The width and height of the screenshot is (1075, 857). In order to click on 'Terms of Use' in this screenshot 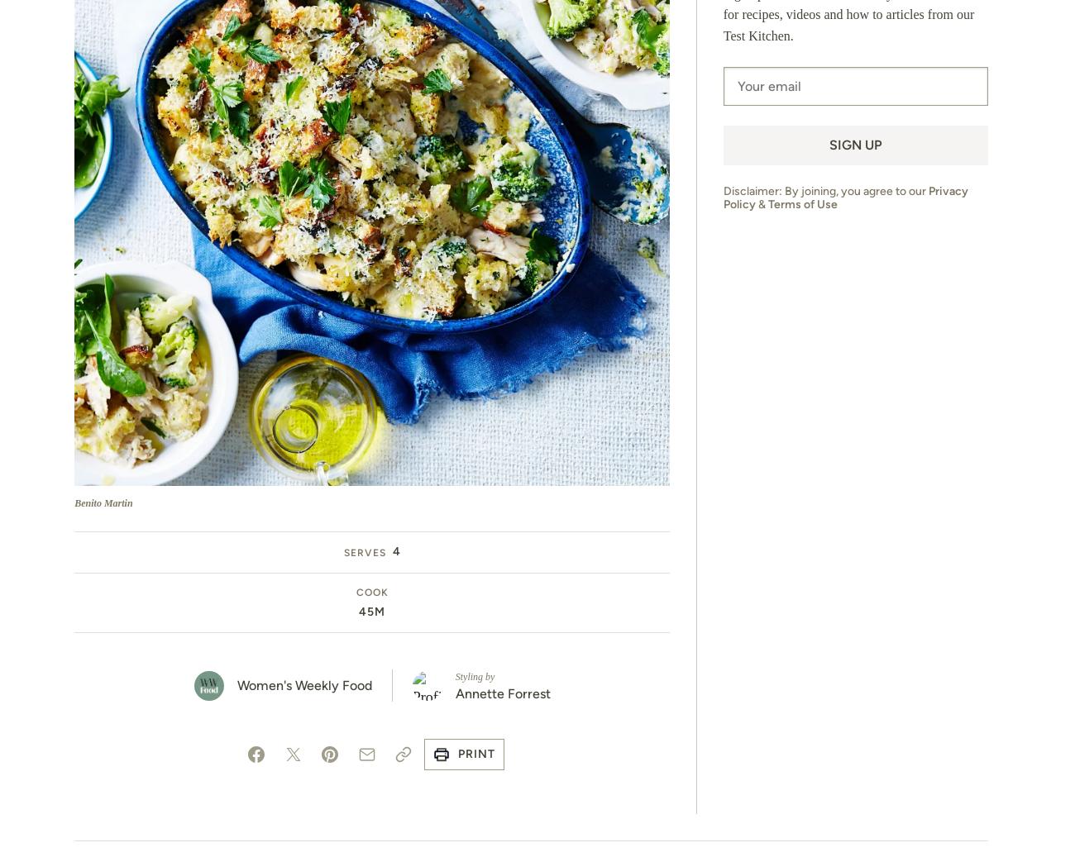, I will do `click(802, 203)`.